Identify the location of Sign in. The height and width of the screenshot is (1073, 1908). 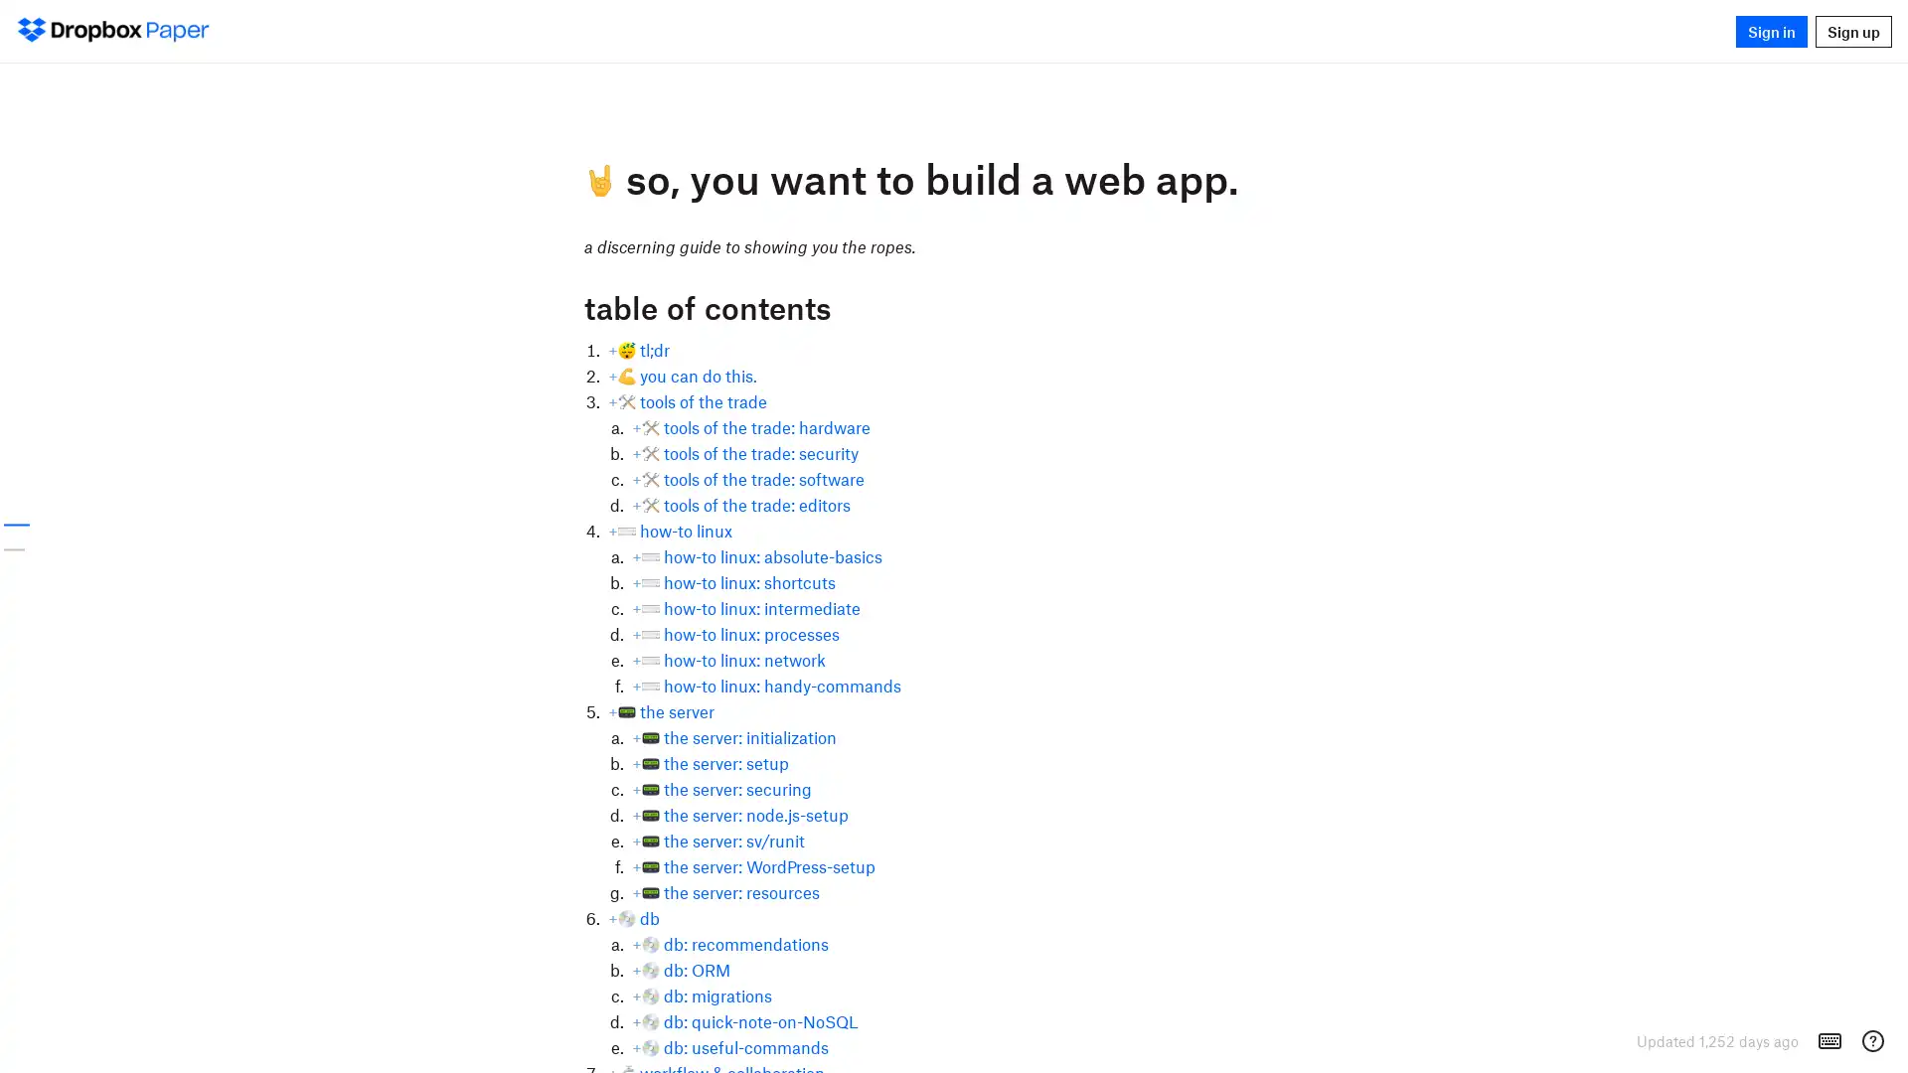
(1771, 30).